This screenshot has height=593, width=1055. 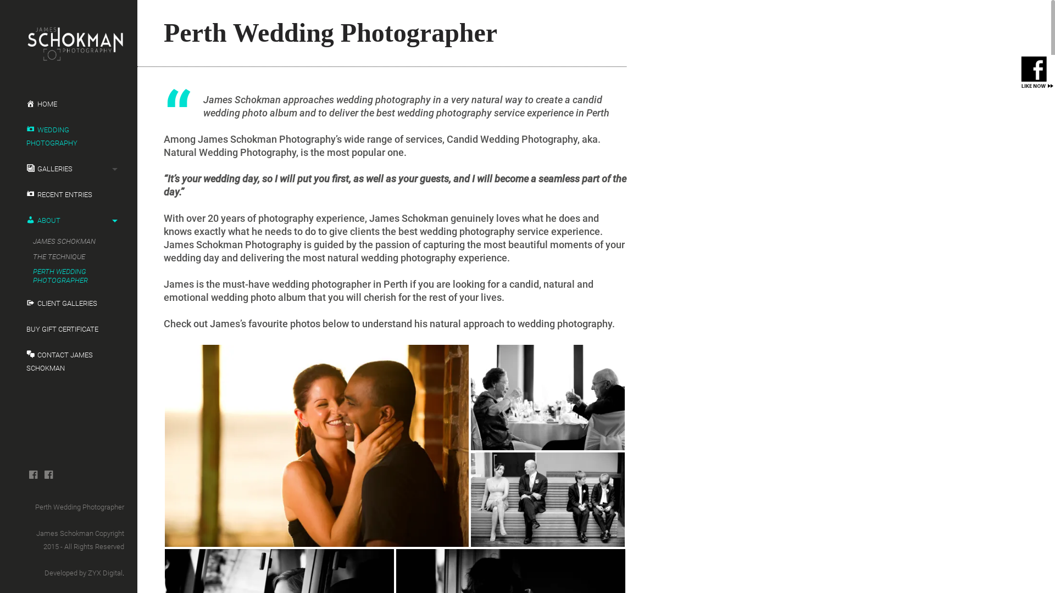 What do you see at coordinates (548, 500) in the screenshot?
I see `'James_schokman_photography_website-118'` at bounding box center [548, 500].